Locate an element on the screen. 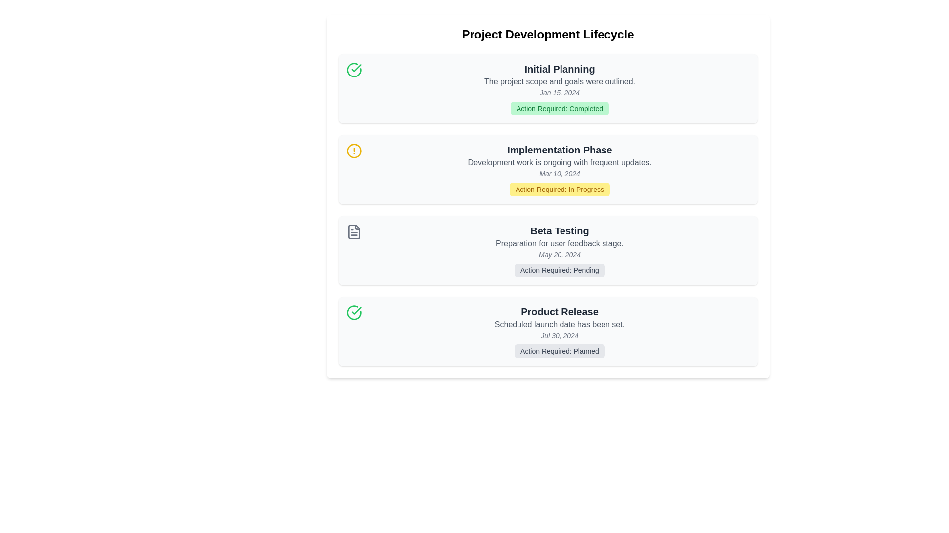 This screenshot has height=533, width=949. the Static Text element that displays the date related to the 'Implementation Phase' of the project lifecycle, located between the description 'Development work is ongoing with frequent updates.' and the yellow tag labeled 'Action Required: In Progress.' is located at coordinates (560, 173).